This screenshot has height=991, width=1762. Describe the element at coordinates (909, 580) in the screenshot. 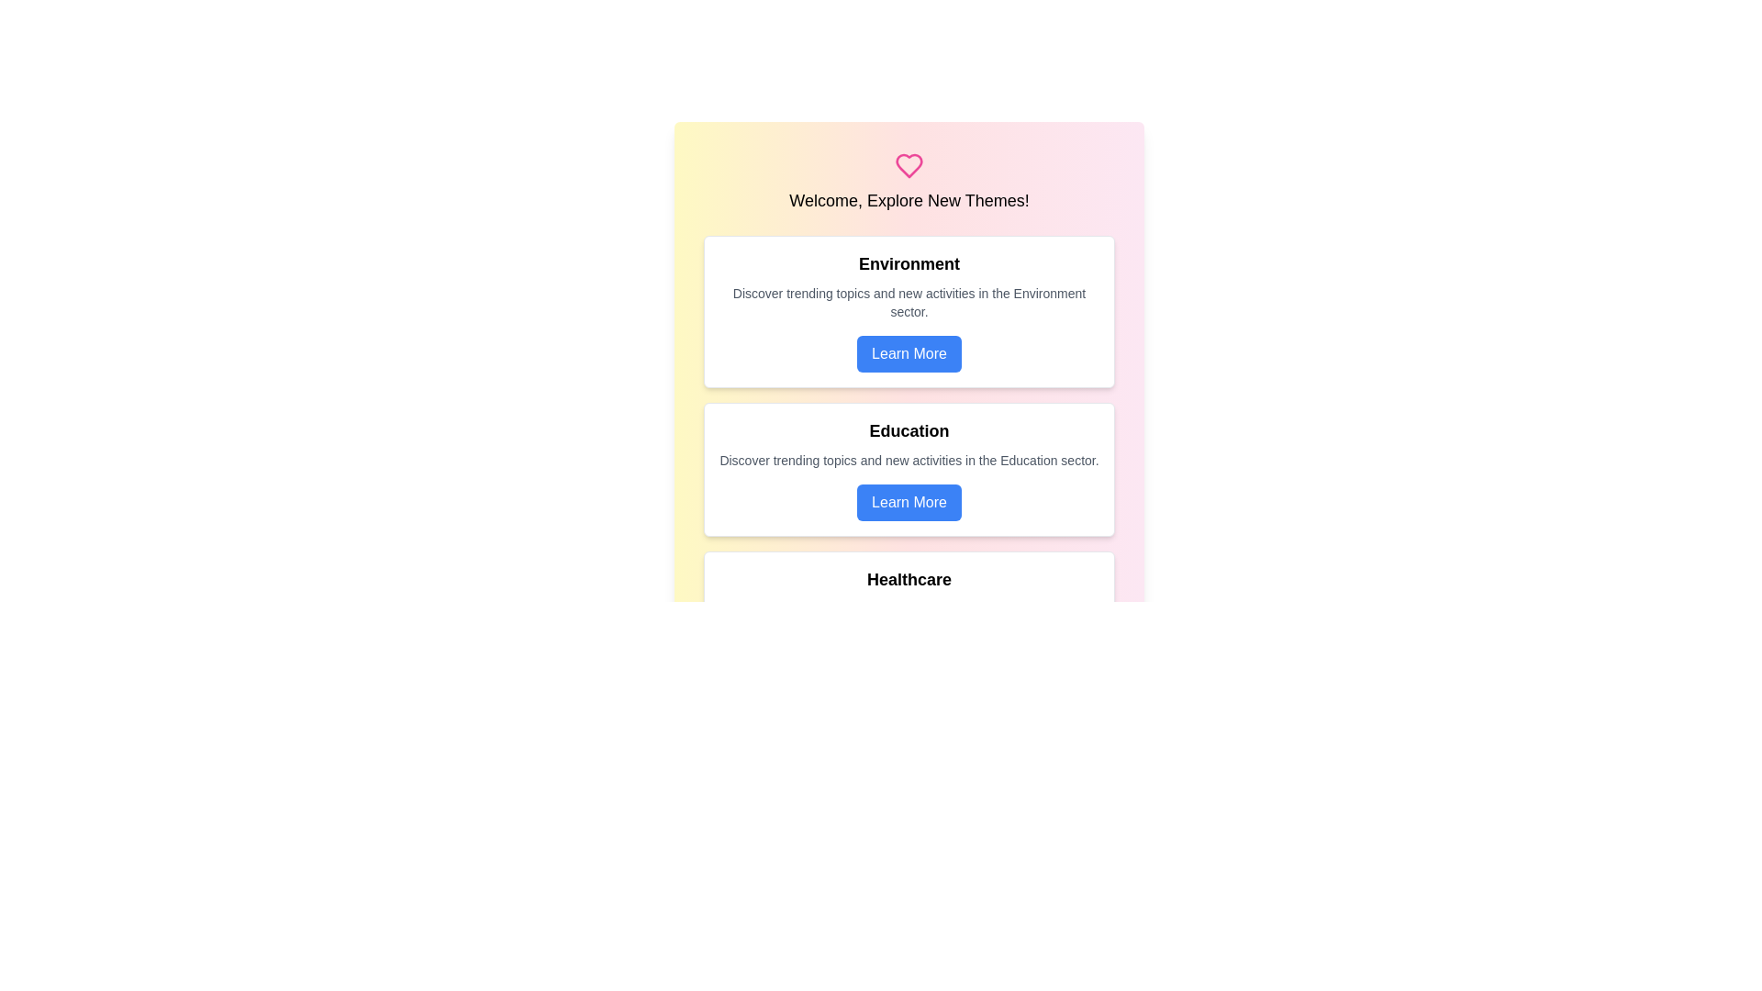

I see `the bold, large 'Healthcare' text label located at the top of the third card in a vertically stacked card layout` at that location.